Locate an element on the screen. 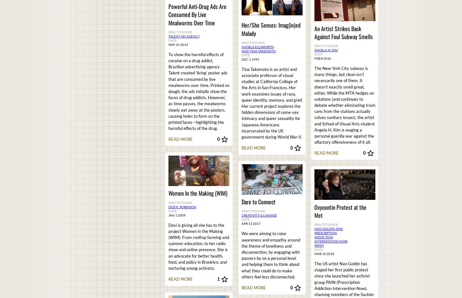 The width and height of the screenshot is (462, 298). 'Jan 1 2009' is located at coordinates (177, 215).